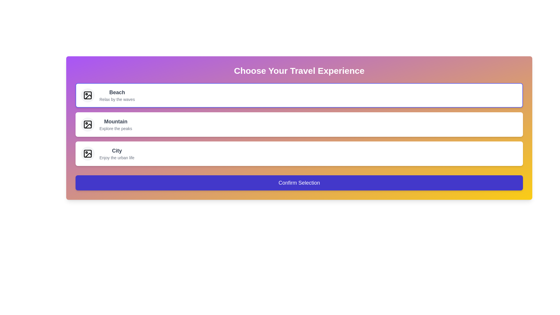 Image resolution: width=560 pixels, height=315 pixels. What do you see at coordinates (117, 153) in the screenshot?
I see `the 'City' text label that displays 'City' in bold, larger dark gray font and 'Enjoy the urban life' in smaller, lighter gray font, located between the 'Mountain' option and 'Confirm Selection' button` at bounding box center [117, 153].